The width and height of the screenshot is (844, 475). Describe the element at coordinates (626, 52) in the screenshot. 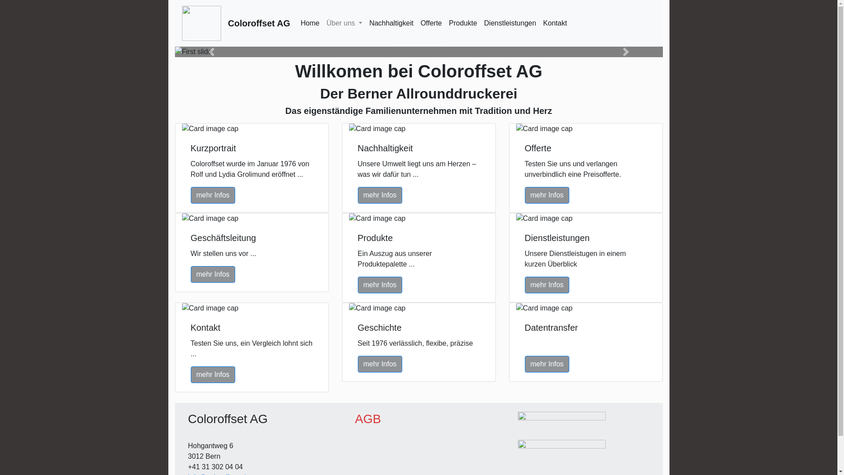

I see `'Next'` at that location.